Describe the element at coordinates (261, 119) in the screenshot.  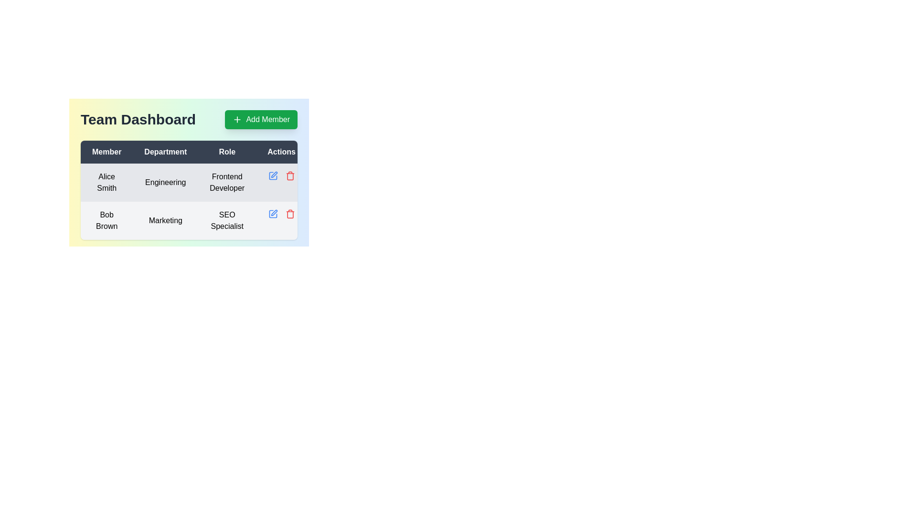
I see `the green 'Add Member' button featuring white bold text and a plus symbol` at that location.